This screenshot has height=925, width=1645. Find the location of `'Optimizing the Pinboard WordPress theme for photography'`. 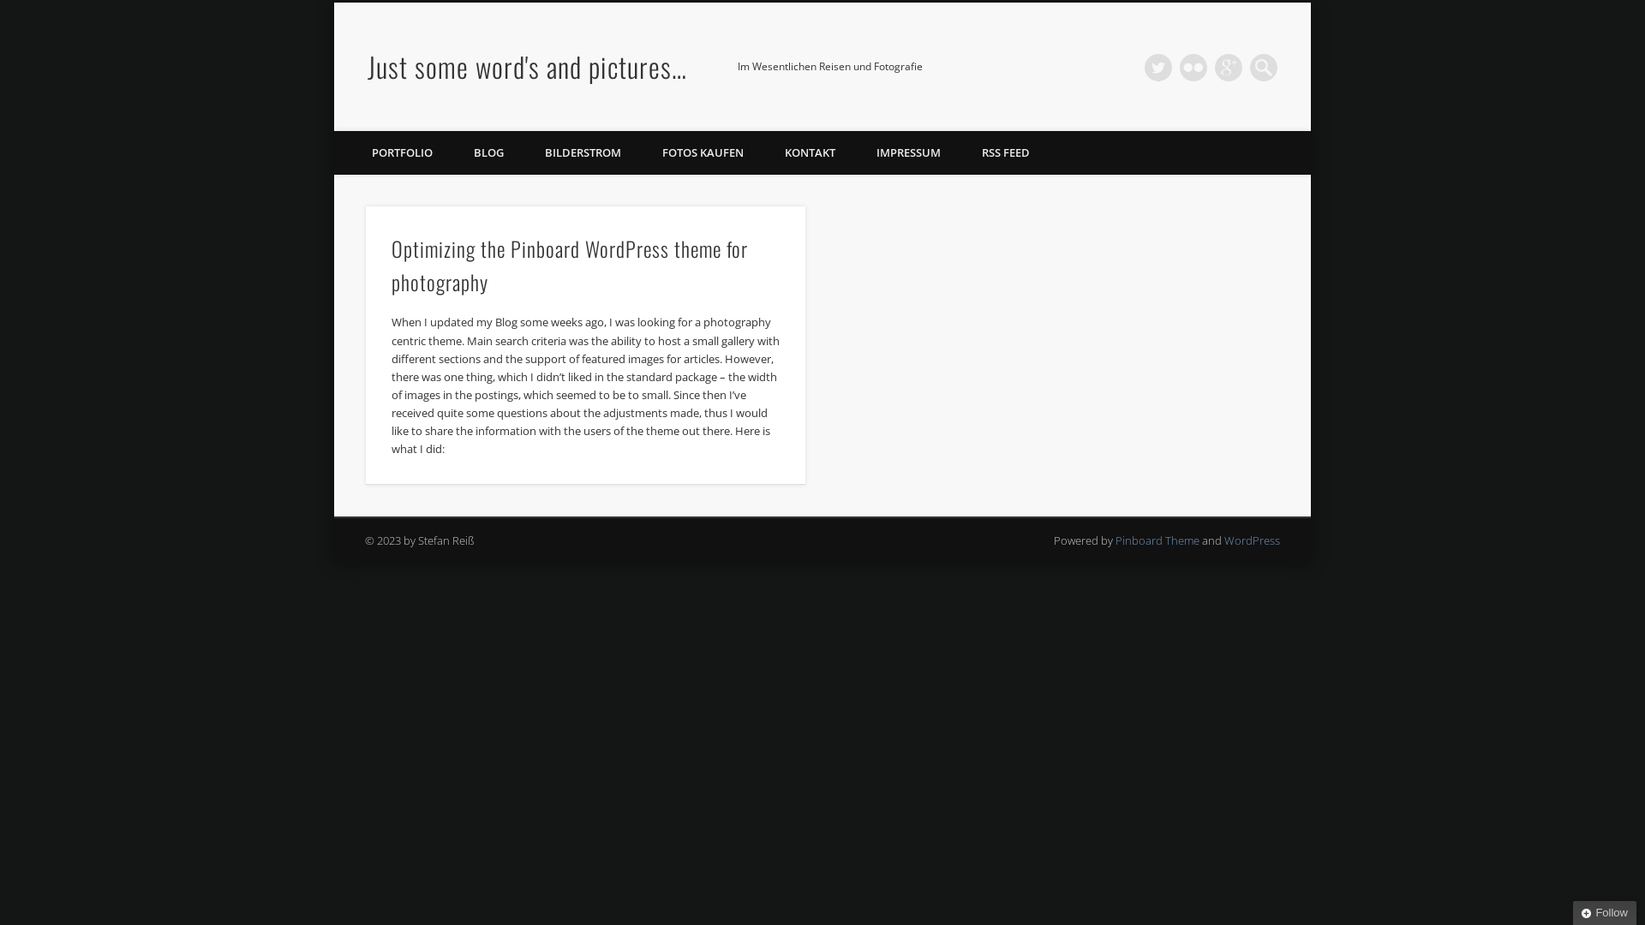

'Optimizing the Pinboard WordPress theme for photography' is located at coordinates (570, 265).